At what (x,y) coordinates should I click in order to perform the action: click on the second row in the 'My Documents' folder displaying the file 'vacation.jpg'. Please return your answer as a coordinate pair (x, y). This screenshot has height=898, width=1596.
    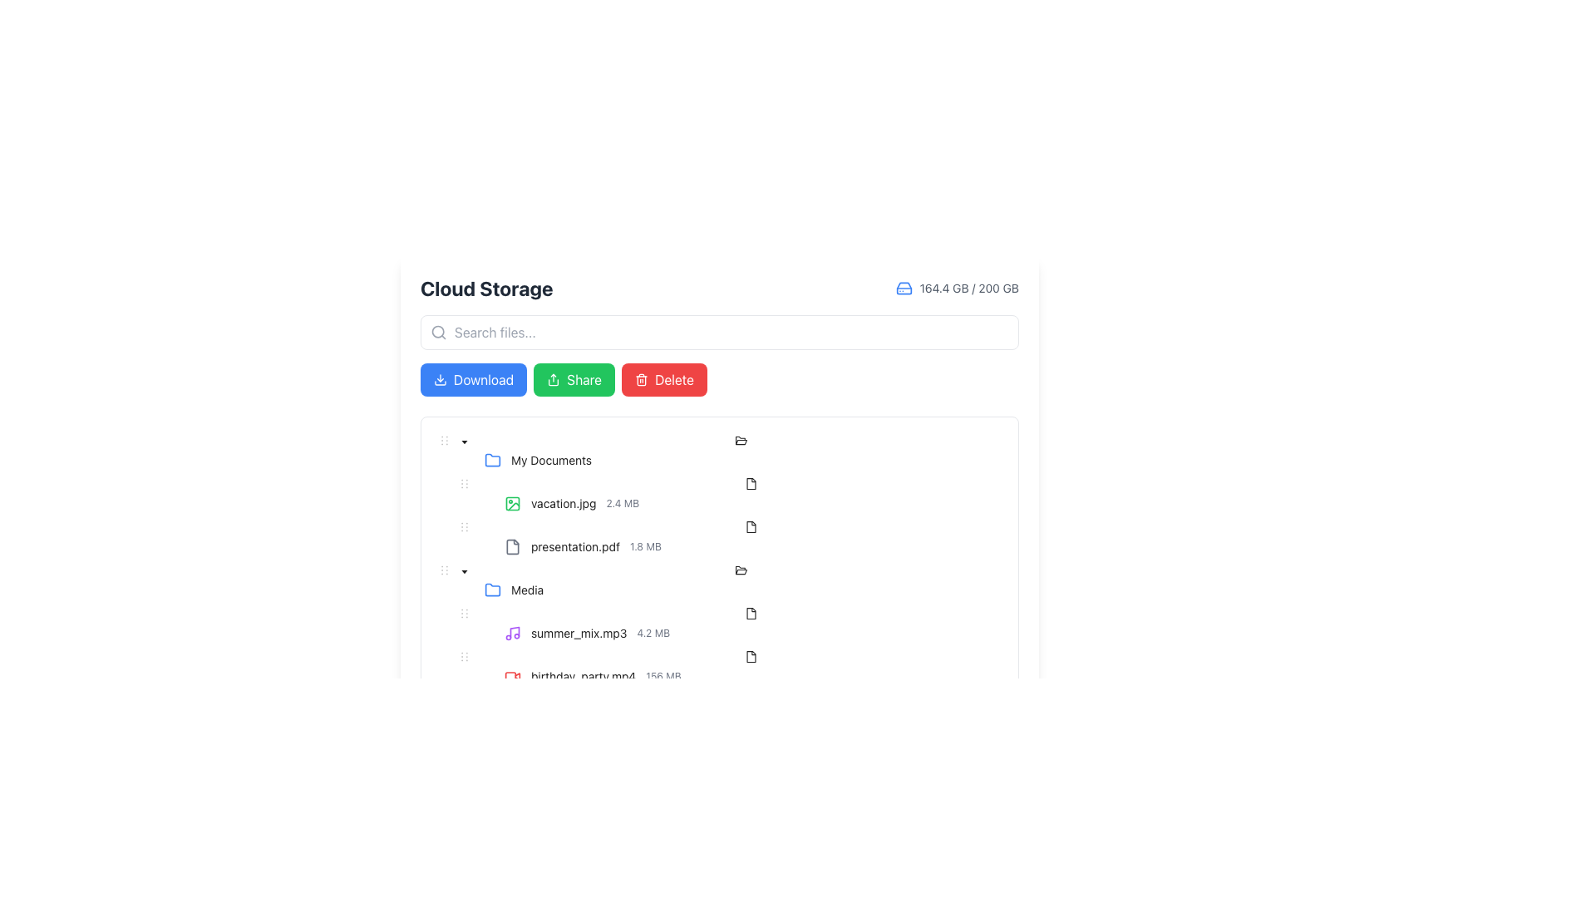
    Looking at the image, I should click on (750, 493).